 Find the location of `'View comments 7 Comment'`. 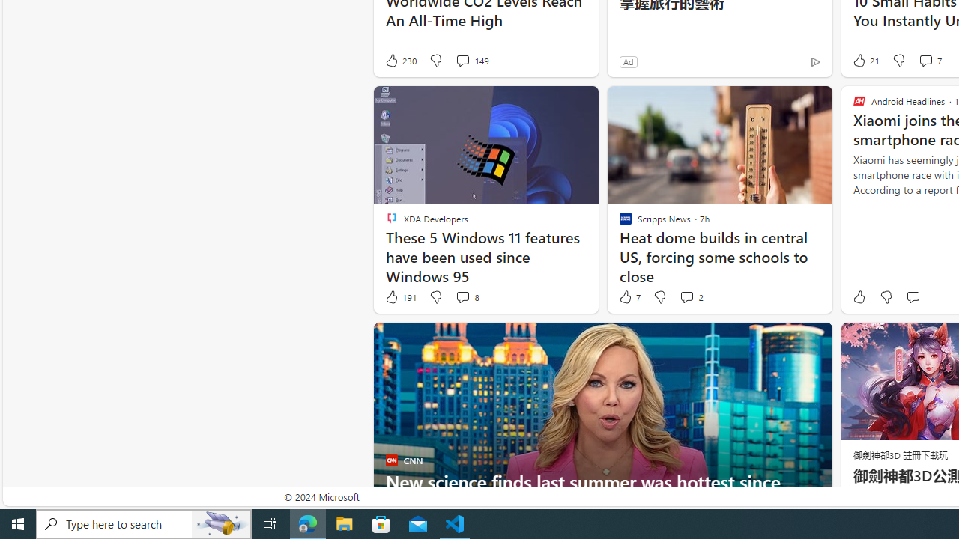

'View comments 7 Comment' is located at coordinates (925, 60).